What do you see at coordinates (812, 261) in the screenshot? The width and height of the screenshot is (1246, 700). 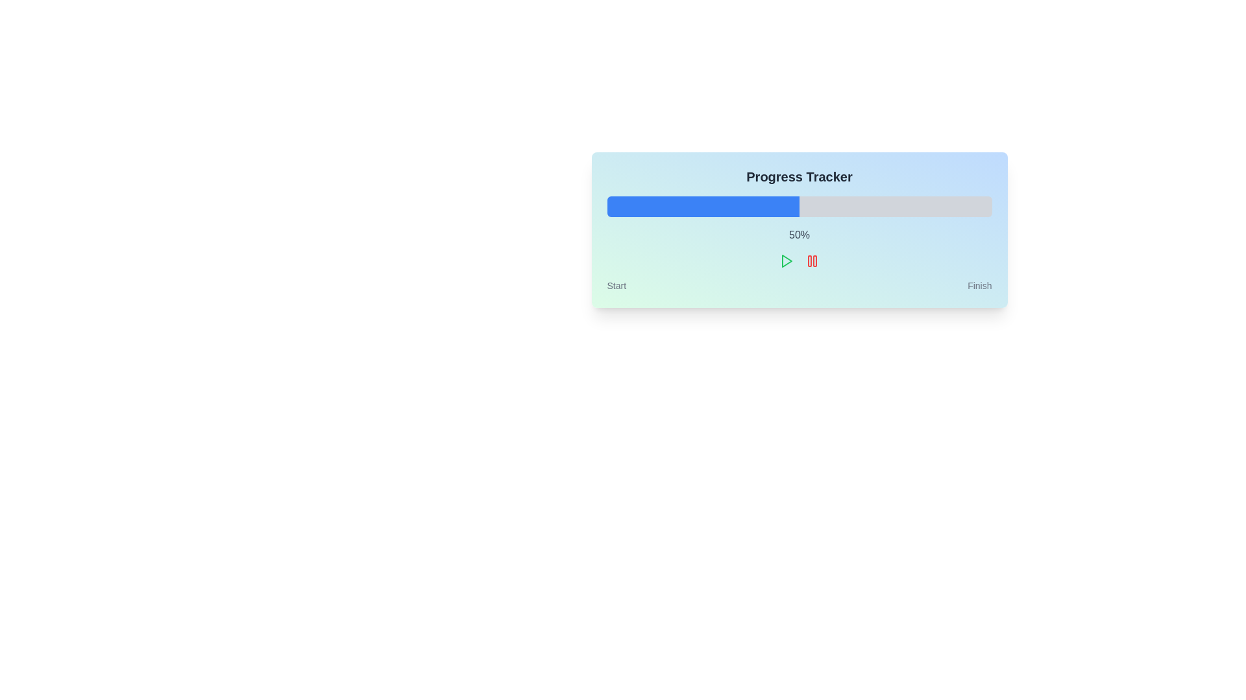 I see `the pause button located as the second icon from the left in a sequence of three icons below the progress bar to halt the ongoing process` at bounding box center [812, 261].